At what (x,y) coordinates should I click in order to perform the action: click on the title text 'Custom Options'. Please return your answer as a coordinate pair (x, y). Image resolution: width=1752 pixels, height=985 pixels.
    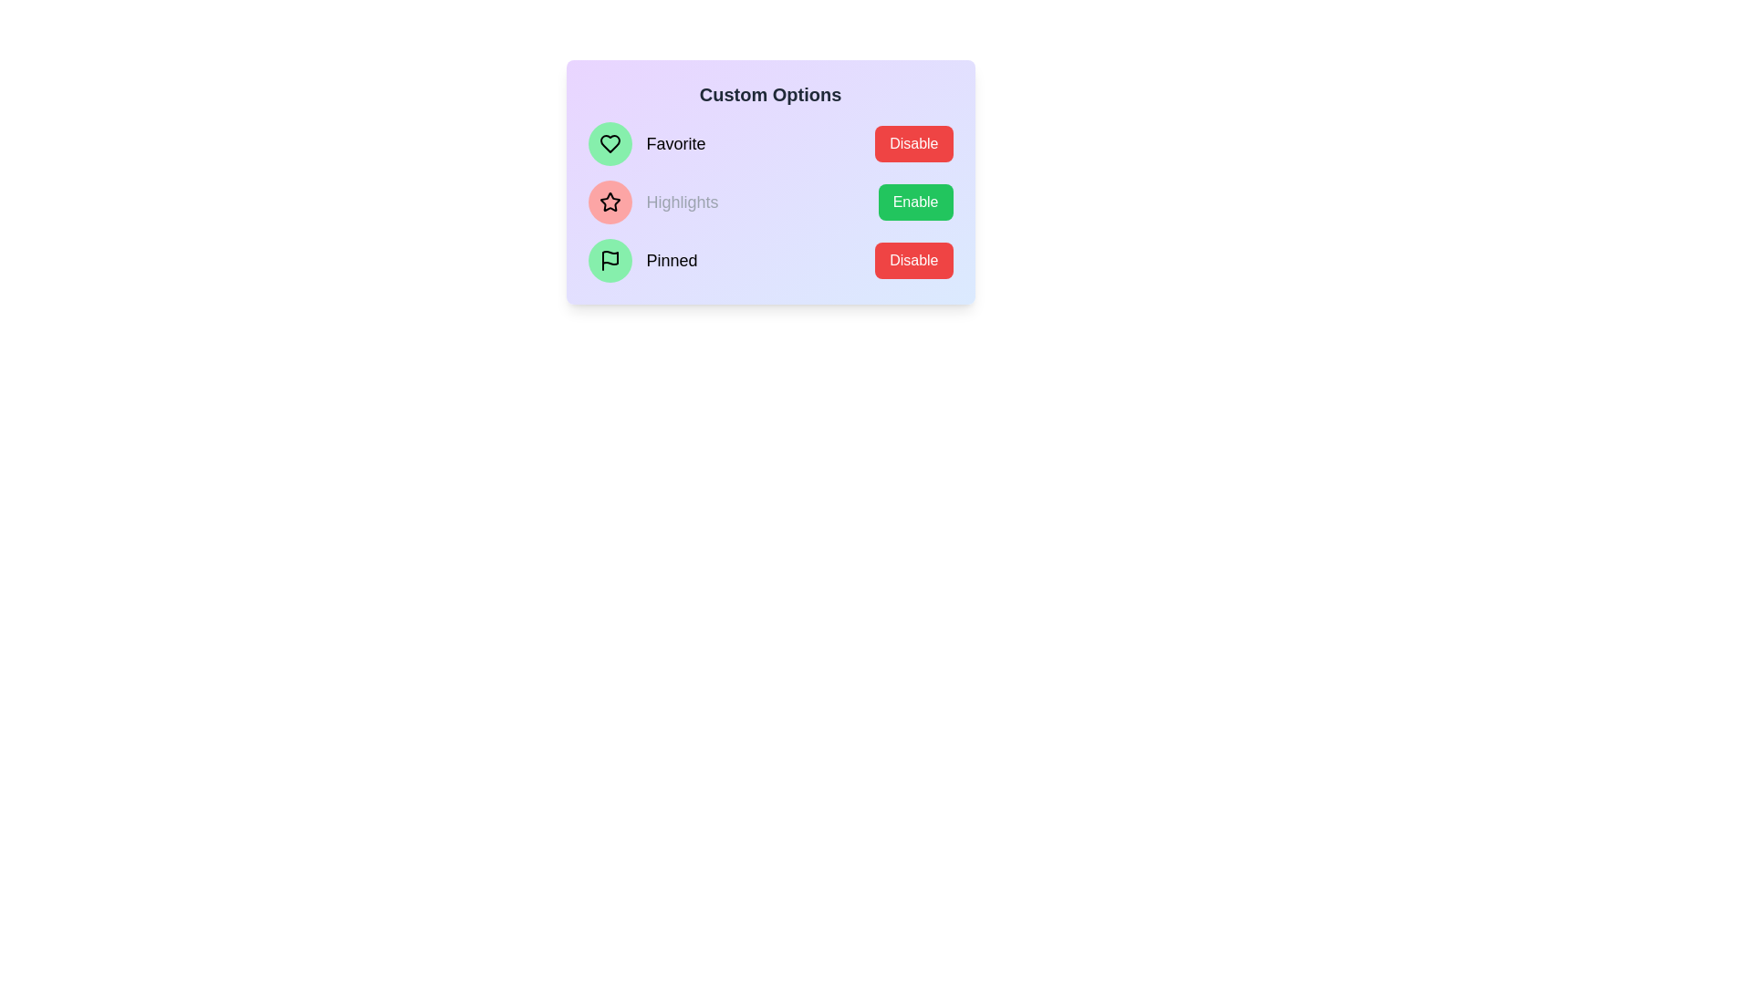
    Looking at the image, I should click on (770, 95).